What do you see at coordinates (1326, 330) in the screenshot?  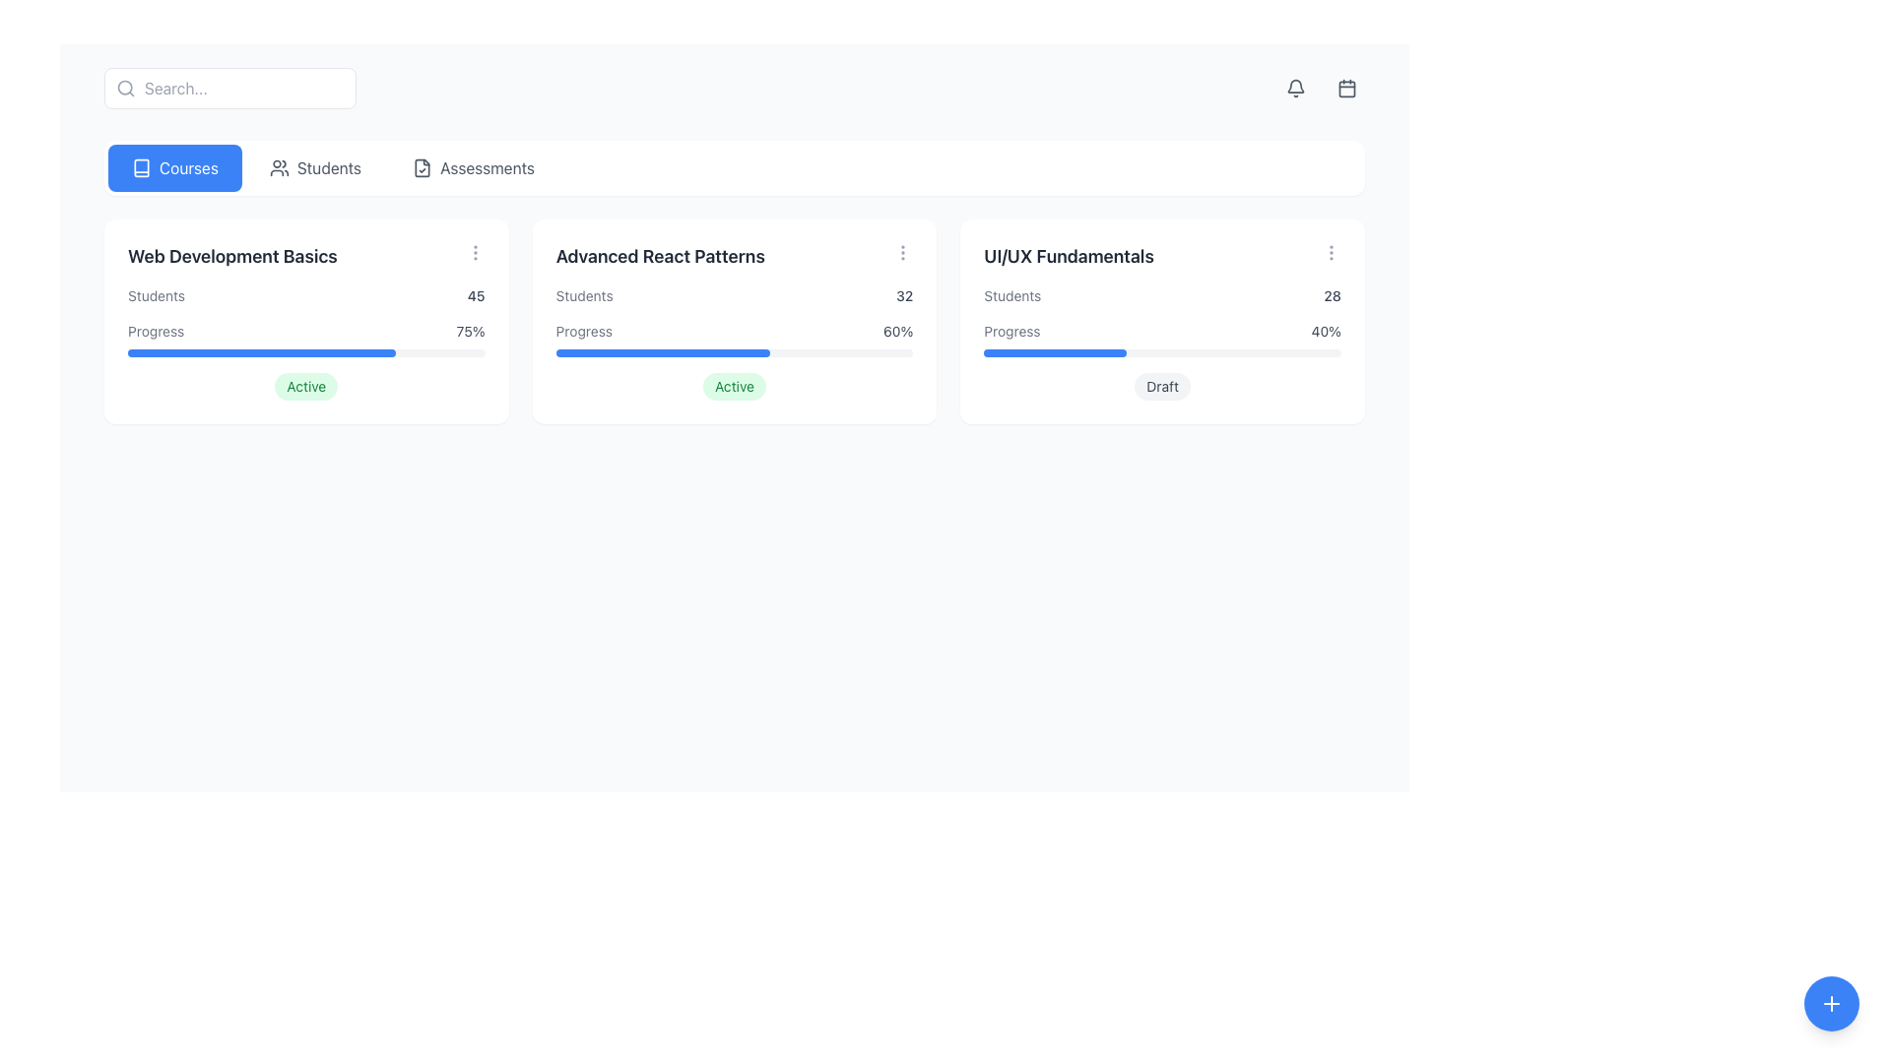 I see `the static text label displaying '40%' in gray font, located in the progress section of the 'UI/UX Fundamentals' card` at bounding box center [1326, 330].